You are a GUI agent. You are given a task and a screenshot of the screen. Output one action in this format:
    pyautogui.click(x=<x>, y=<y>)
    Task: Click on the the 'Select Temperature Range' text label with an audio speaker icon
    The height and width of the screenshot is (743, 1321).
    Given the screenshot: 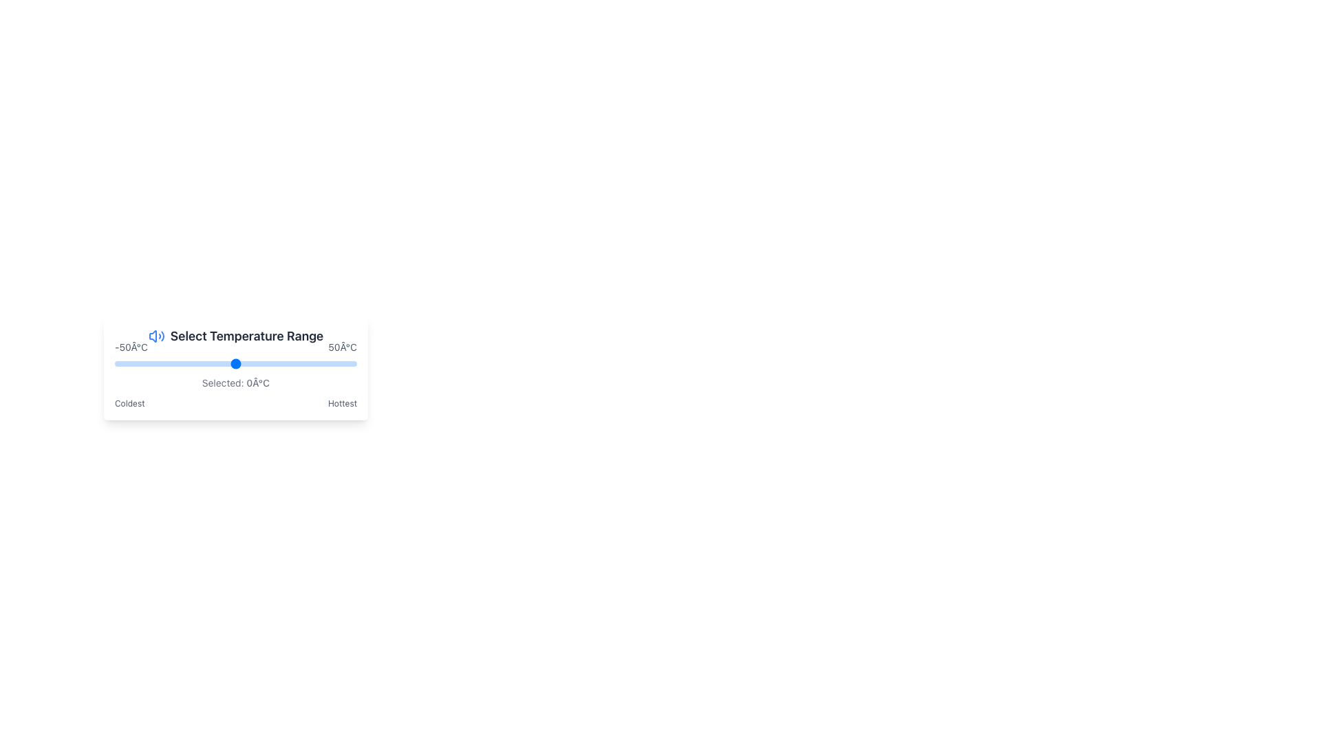 What is the action you would take?
    pyautogui.click(x=235, y=336)
    